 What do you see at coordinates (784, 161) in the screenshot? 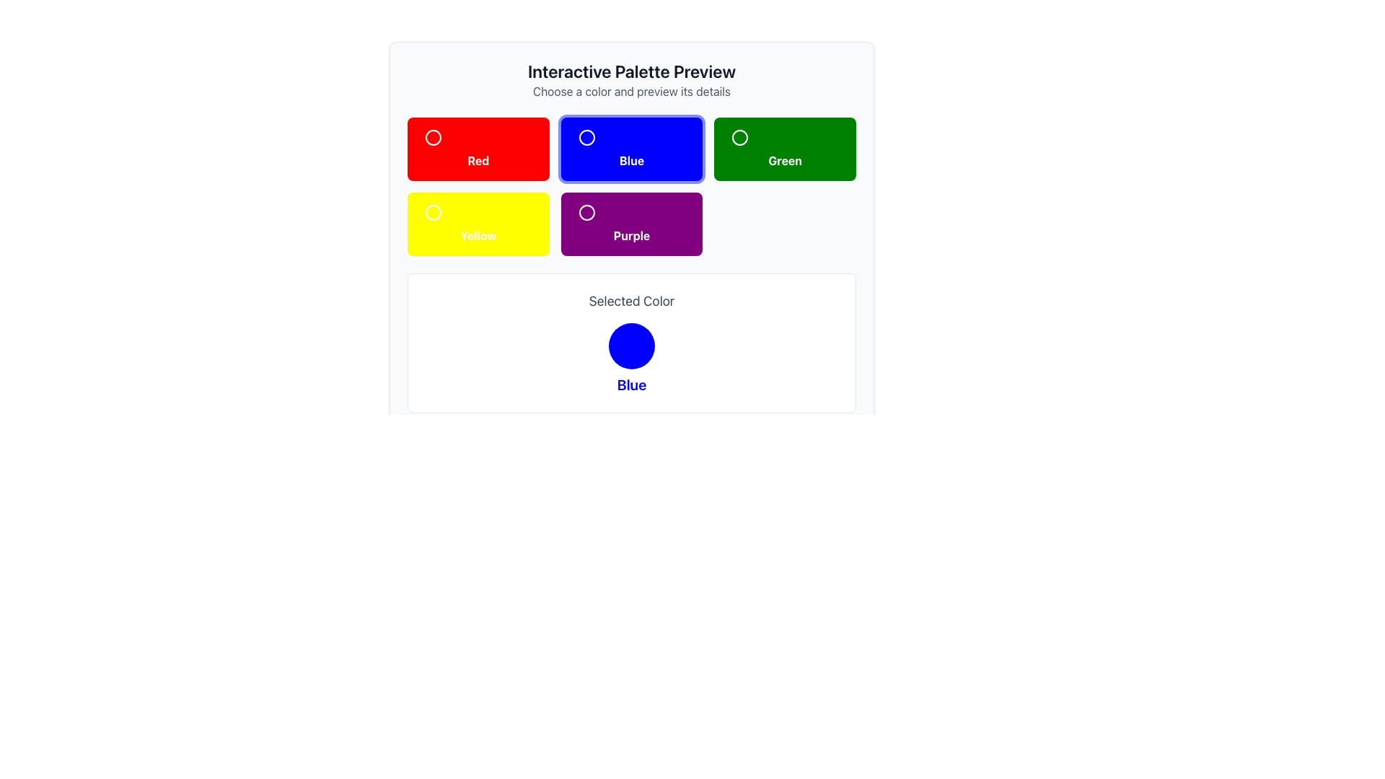
I see `the bold white text 'Green' which is centrally aligned within a green rectangular button located in the top-right corner of a button grid` at bounding box center [784, 161].